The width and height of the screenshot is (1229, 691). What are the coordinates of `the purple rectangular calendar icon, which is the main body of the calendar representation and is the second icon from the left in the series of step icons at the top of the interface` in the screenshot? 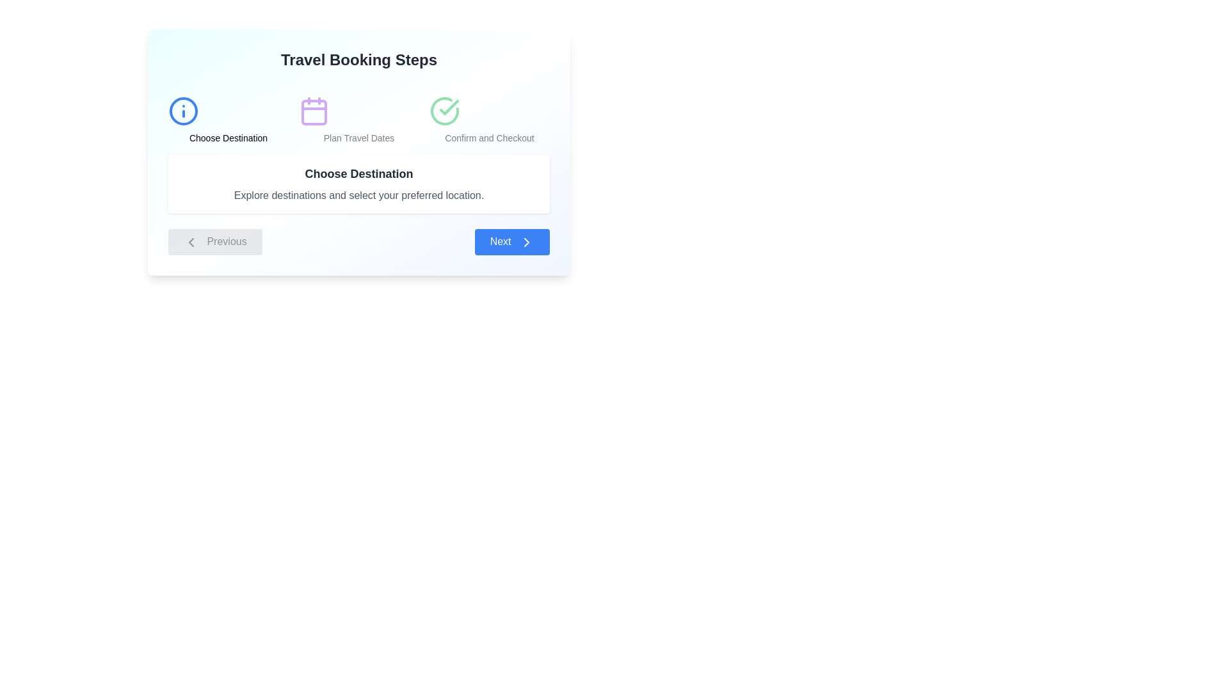 It's located at (314, 112).